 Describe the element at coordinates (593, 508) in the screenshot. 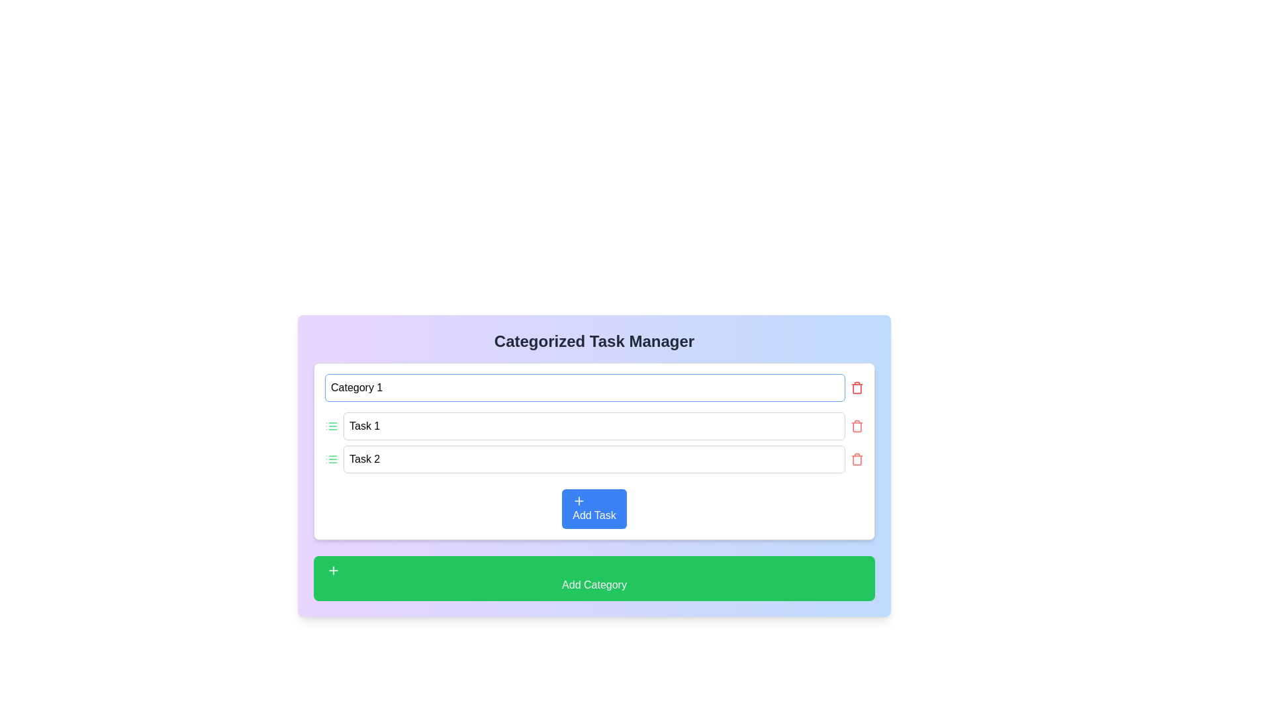

I see `the 'Add Task' button, which is a rectangular button with rounded corners, blue background, and white text, located beneath the 'Task 2' input field in the 'Categorized Task Manager'` at that location.